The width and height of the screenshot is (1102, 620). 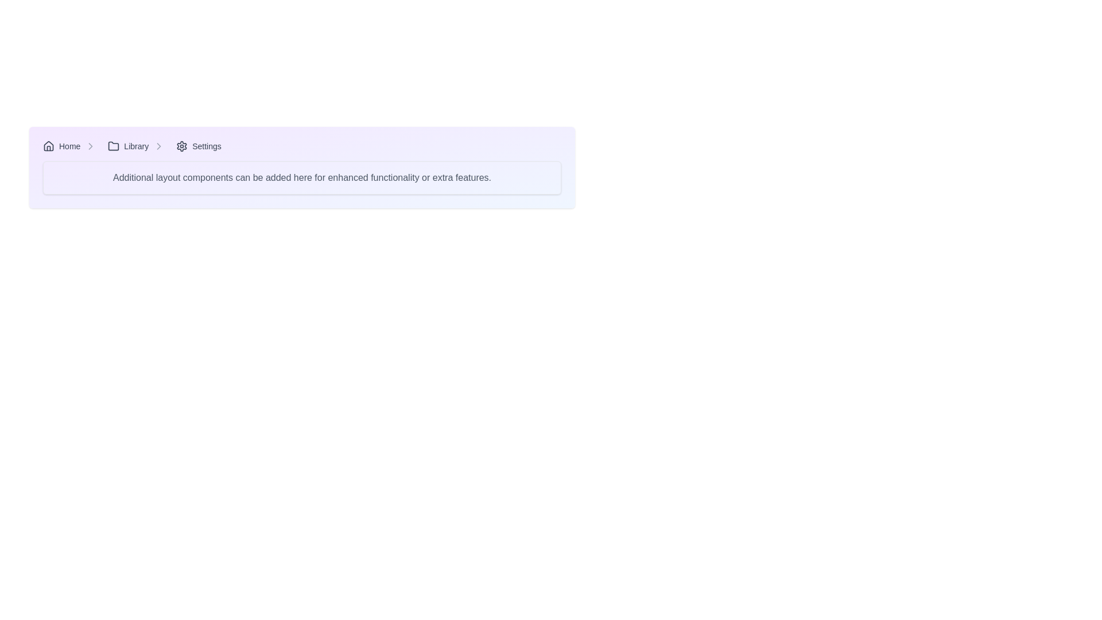 What do you see at coordinates (181, 145) in the screenshot?
I see `the cogwheel icon in the navigation bar` at bounding box center [181, 145].